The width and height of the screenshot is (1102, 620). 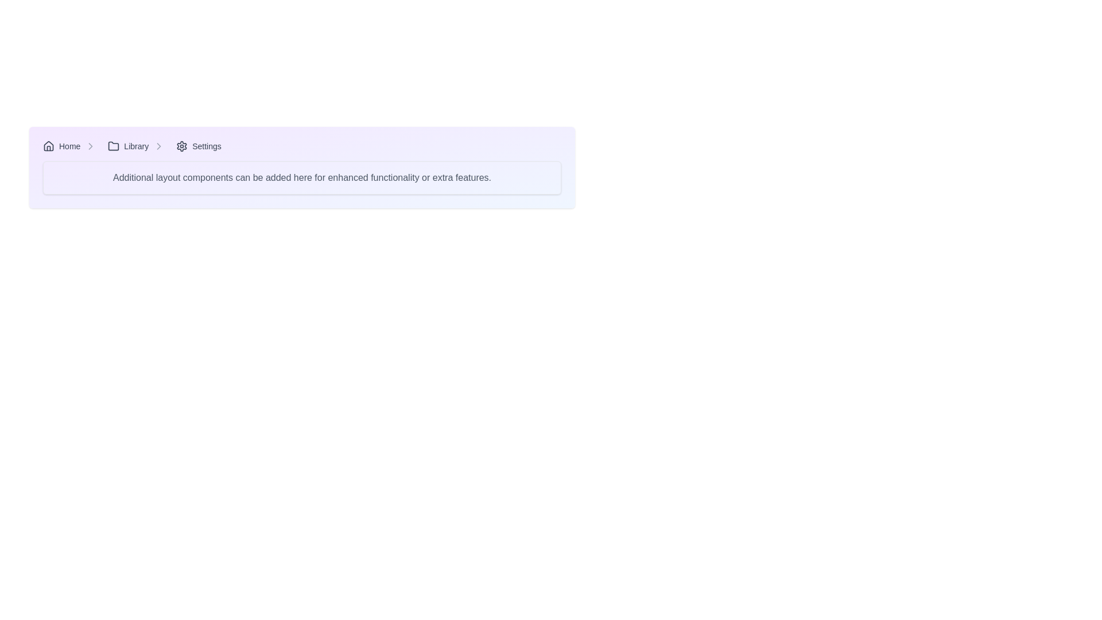 What do you see at coordinates (181, 145) in the screenshot?
I see `the cogwheel icon in the navigation bar` at bounding box center [181, 145].